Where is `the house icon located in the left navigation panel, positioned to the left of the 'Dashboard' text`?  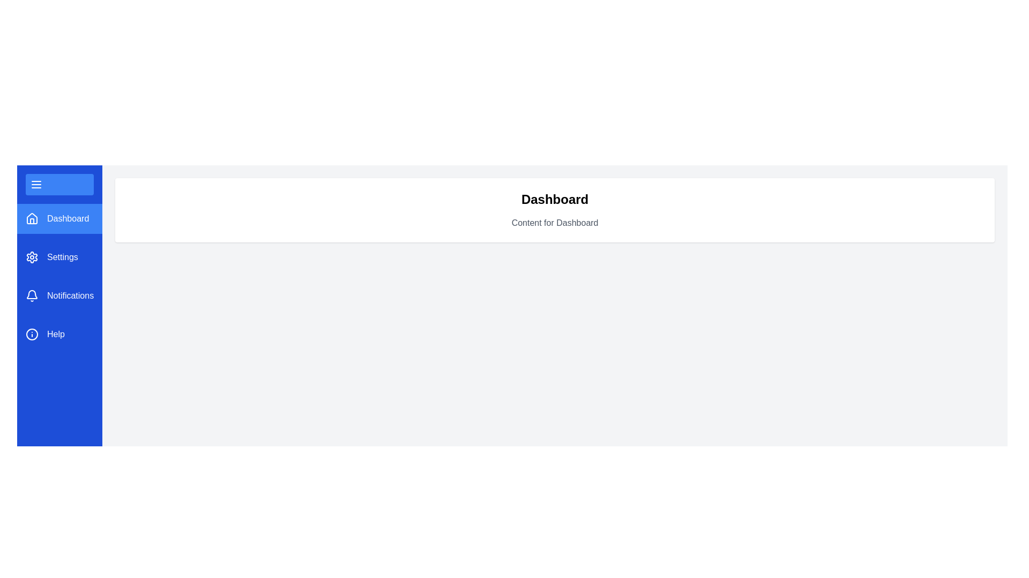
the house icon located in the left navigation panel, positioned to the left of the 'Dashboard' text is located at coordinates (32, 218).